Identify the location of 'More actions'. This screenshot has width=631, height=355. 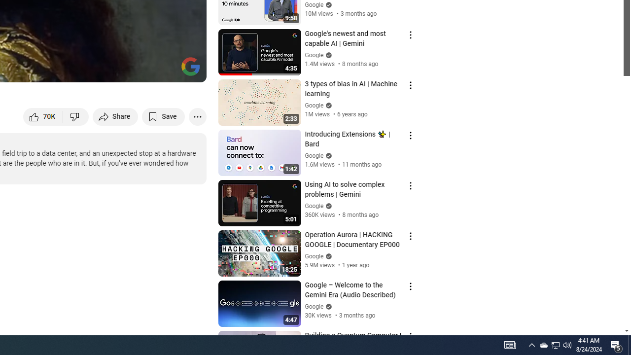
(197, 116).